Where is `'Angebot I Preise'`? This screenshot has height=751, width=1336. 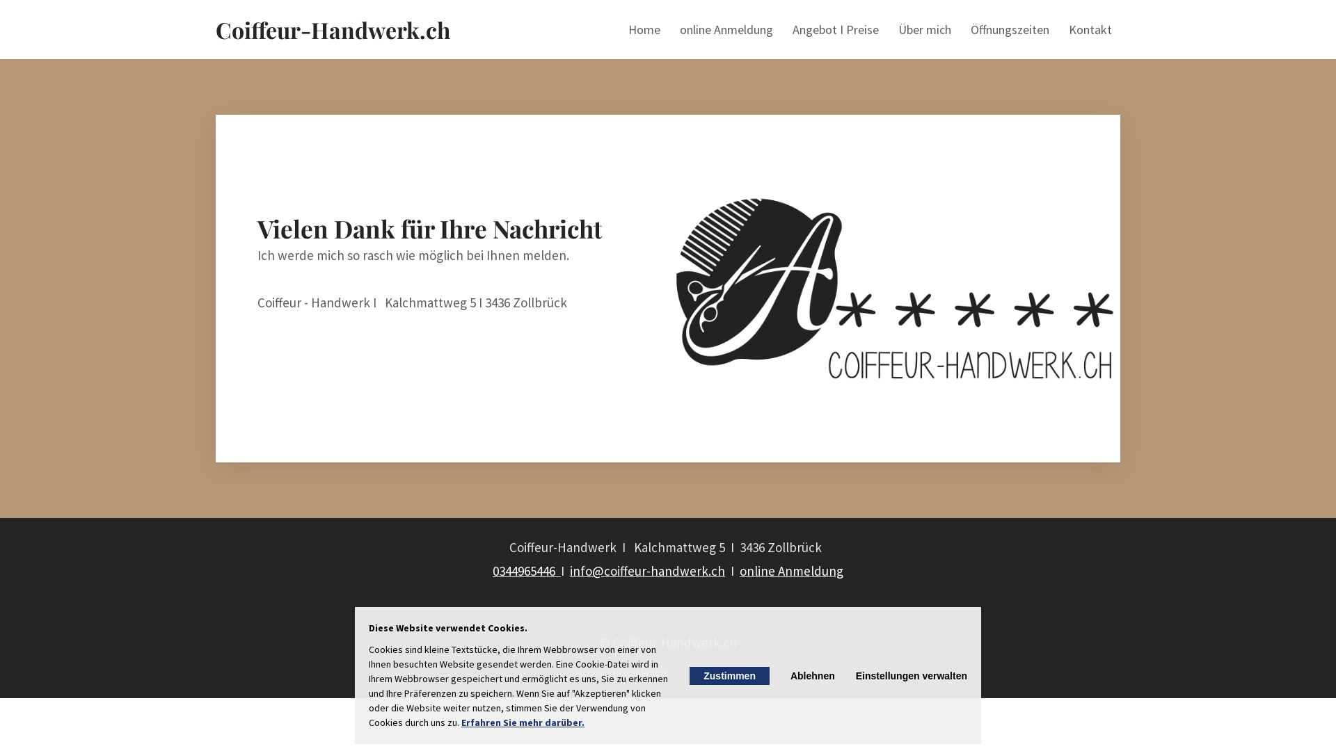
'Angebot I Preise' is located at coordinates (835, 29).